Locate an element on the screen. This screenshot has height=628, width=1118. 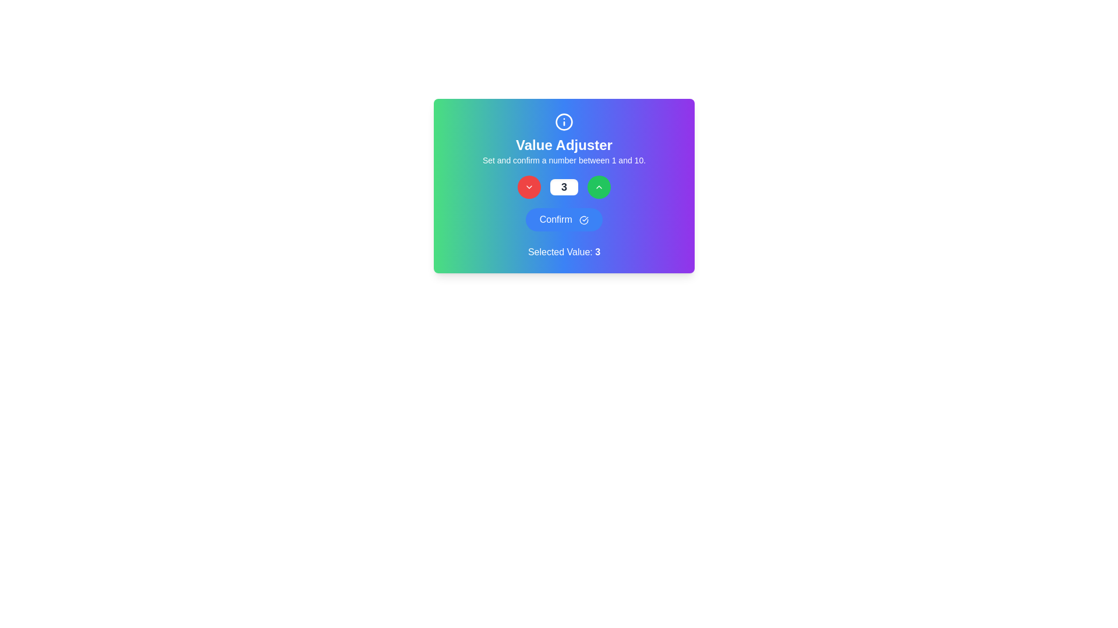
the bold text element labeled 'Value Adjuster', which is styled with a large font size and white color, positioned below a circular information icon is located at coordinates (564, 145).